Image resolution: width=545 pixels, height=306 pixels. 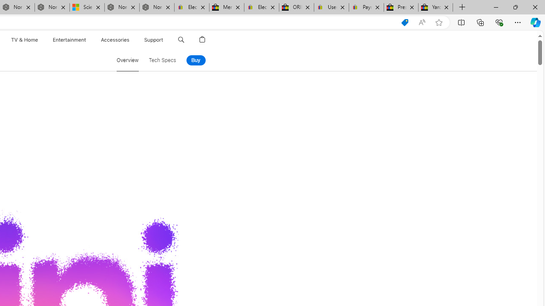 I want to click on 'Accessories', so click(x=115, y=40).